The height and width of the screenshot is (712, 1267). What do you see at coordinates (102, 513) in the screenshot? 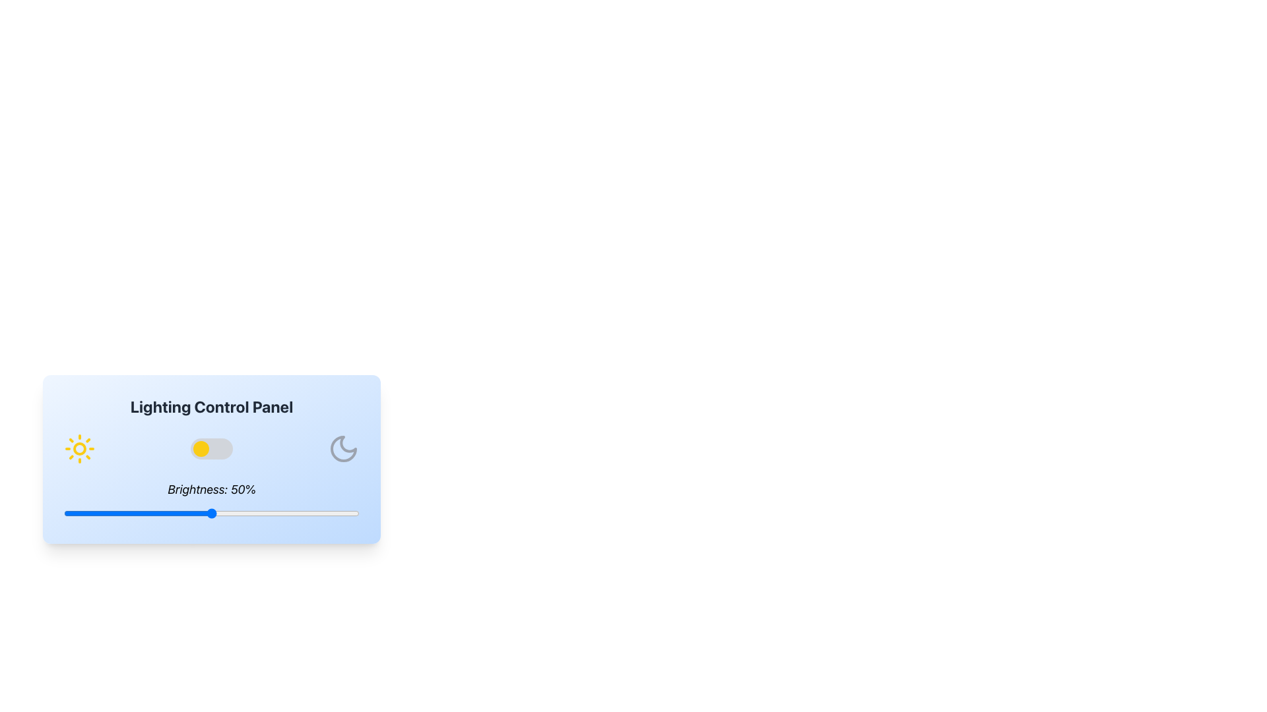
I see `the brightness` at bounding box center [102, 513].